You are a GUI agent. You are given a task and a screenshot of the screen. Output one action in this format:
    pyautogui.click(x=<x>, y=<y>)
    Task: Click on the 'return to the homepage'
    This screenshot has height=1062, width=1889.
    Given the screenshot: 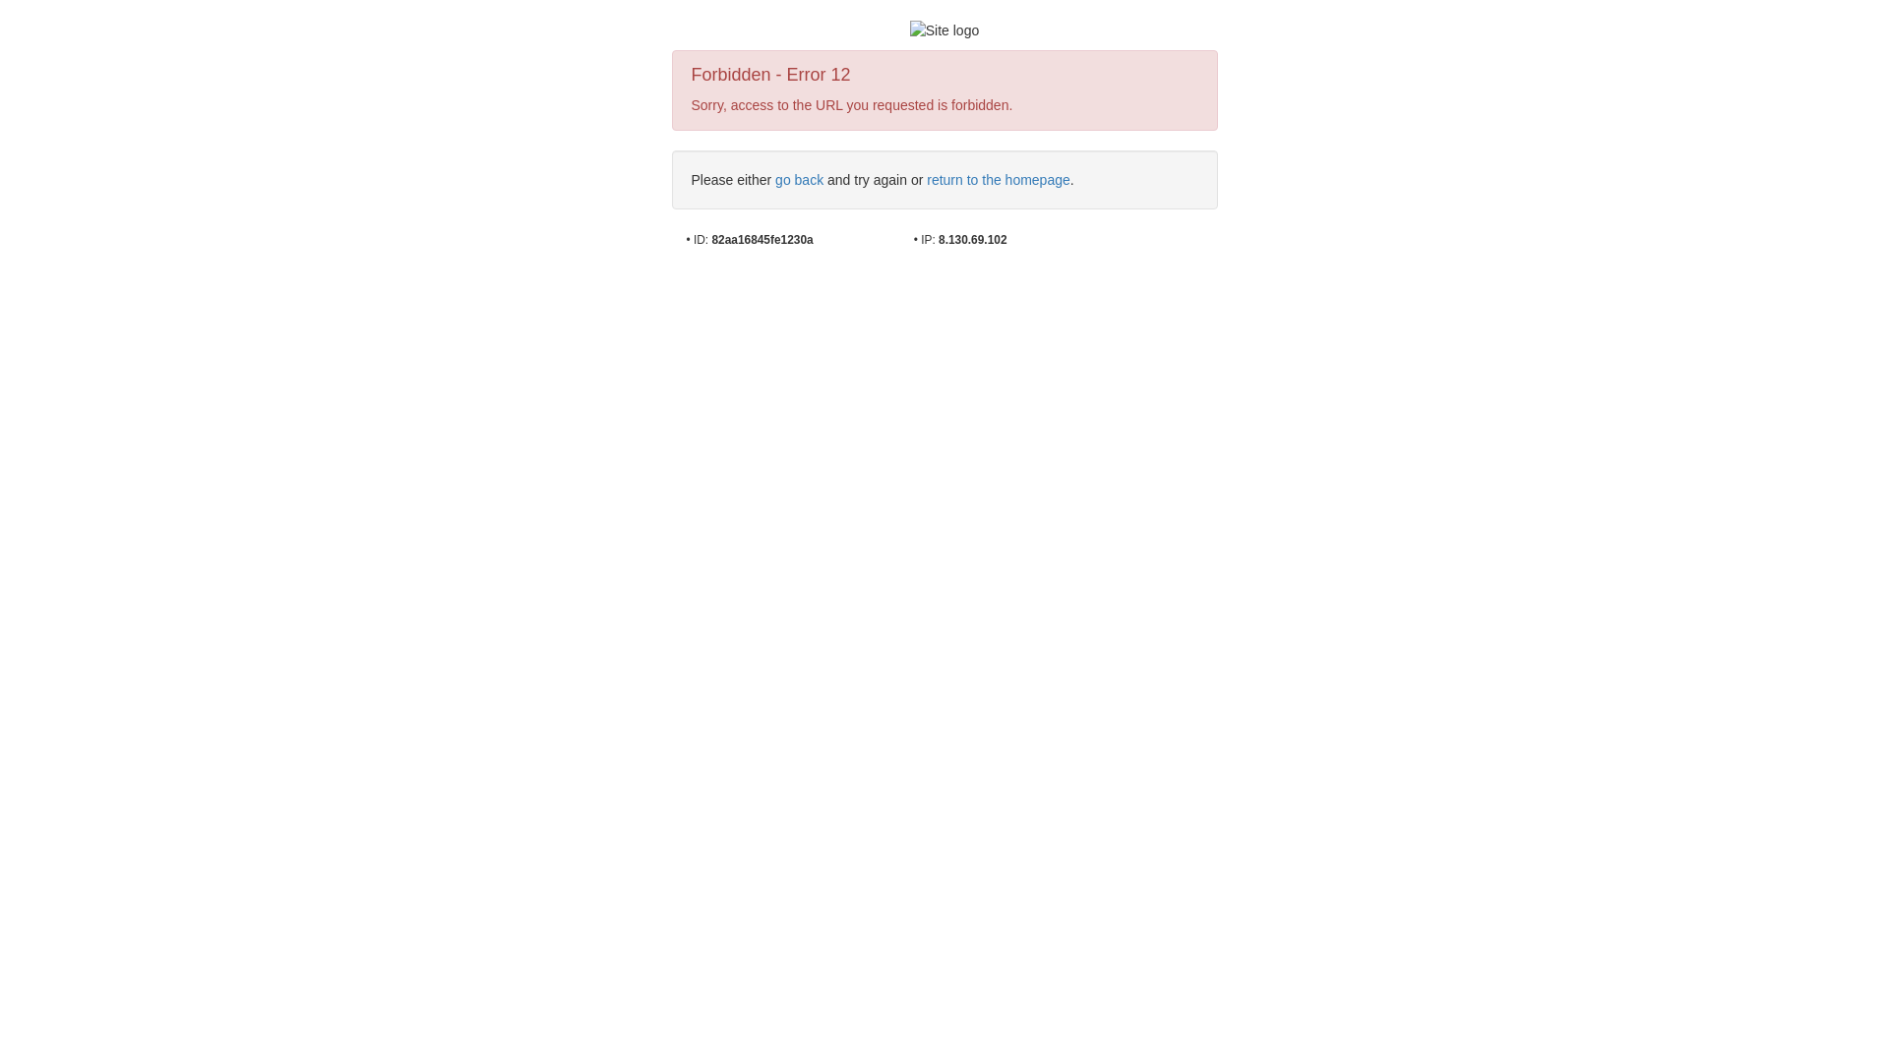 What is the action you would take?
    pyautogui.click(x=998, y=179)
    